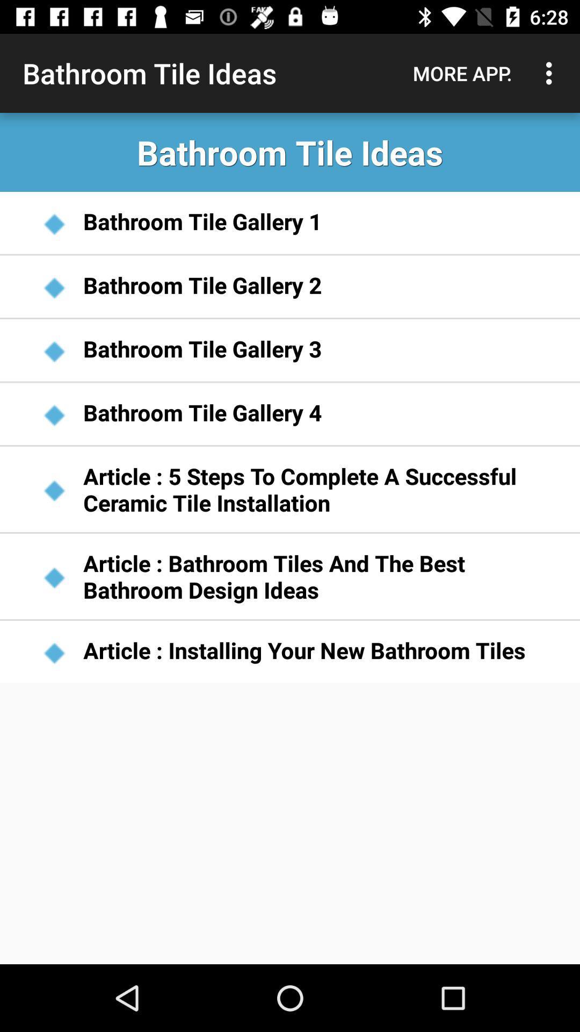 Image resolution: width=580 pixels, height=1032 pixels. I want to click on the item to the right of the bathroom tile ideas, so click(462, 73).